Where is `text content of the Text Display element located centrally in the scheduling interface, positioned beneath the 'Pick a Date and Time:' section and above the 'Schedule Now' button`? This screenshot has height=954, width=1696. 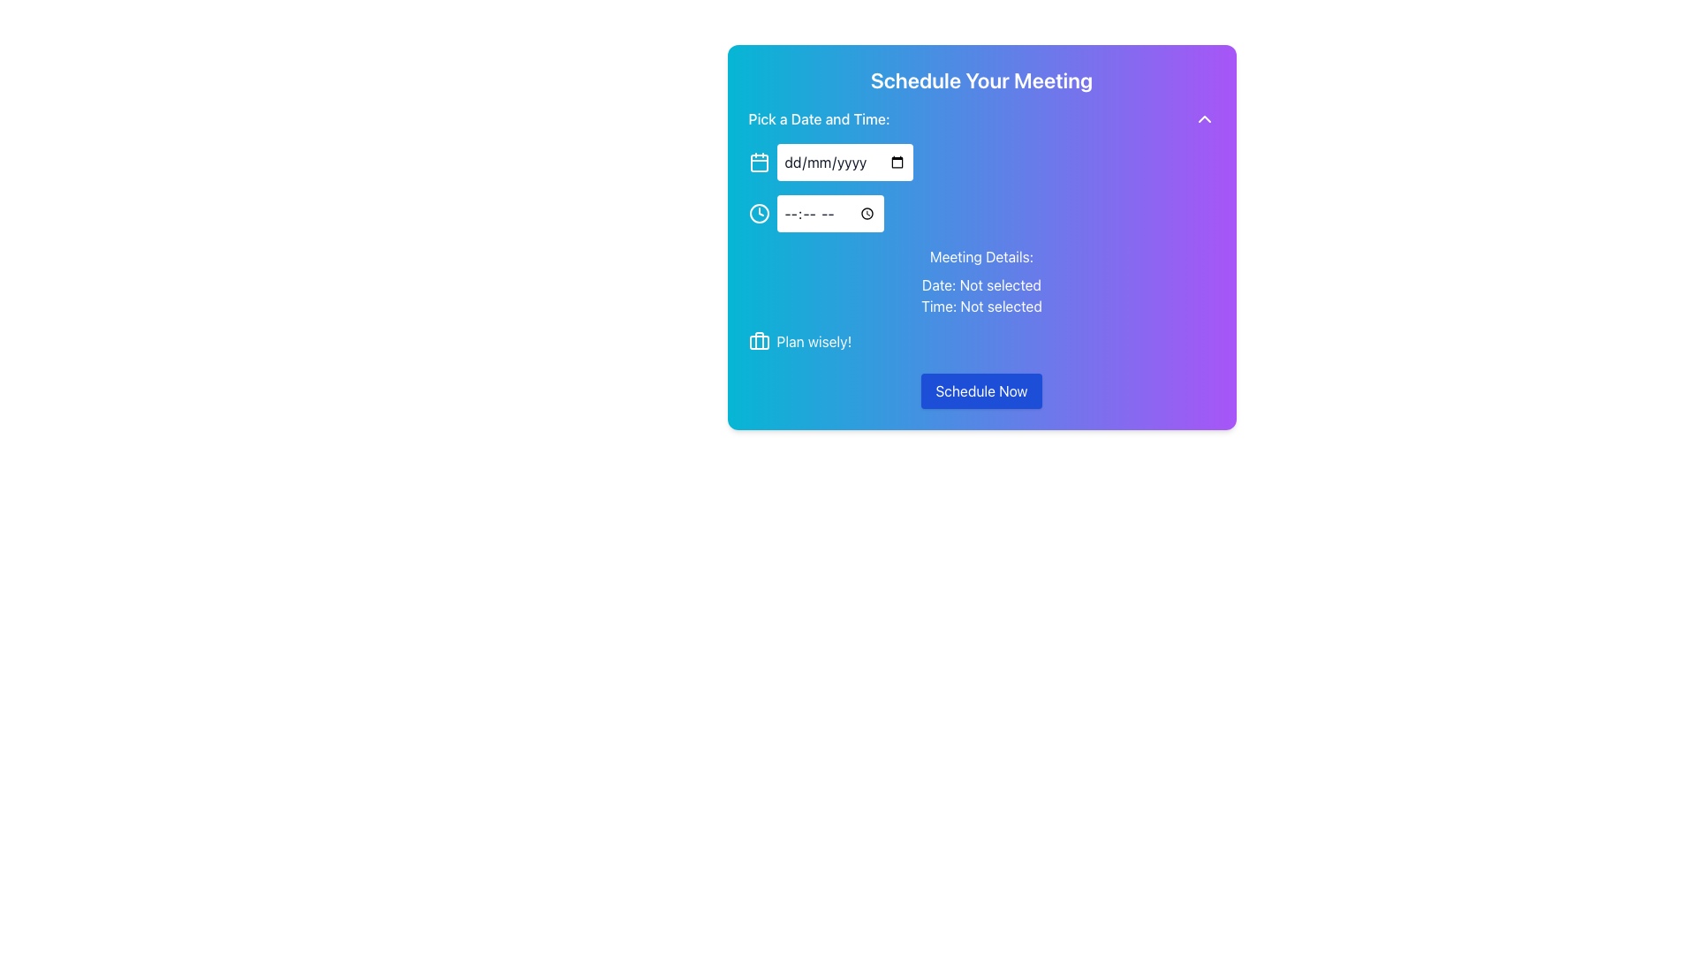 text content of the Text Display element located centrally in the scheduling interface, positioned beneath the 'Pick a Date and Time:' section and above the 'Schedule Now' button is located at coordinates (980, 299).